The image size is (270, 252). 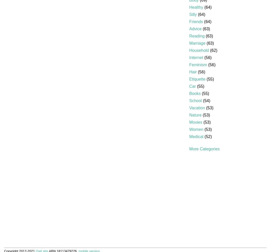 I want to click on 'Friends', so click(x=196, y=21).